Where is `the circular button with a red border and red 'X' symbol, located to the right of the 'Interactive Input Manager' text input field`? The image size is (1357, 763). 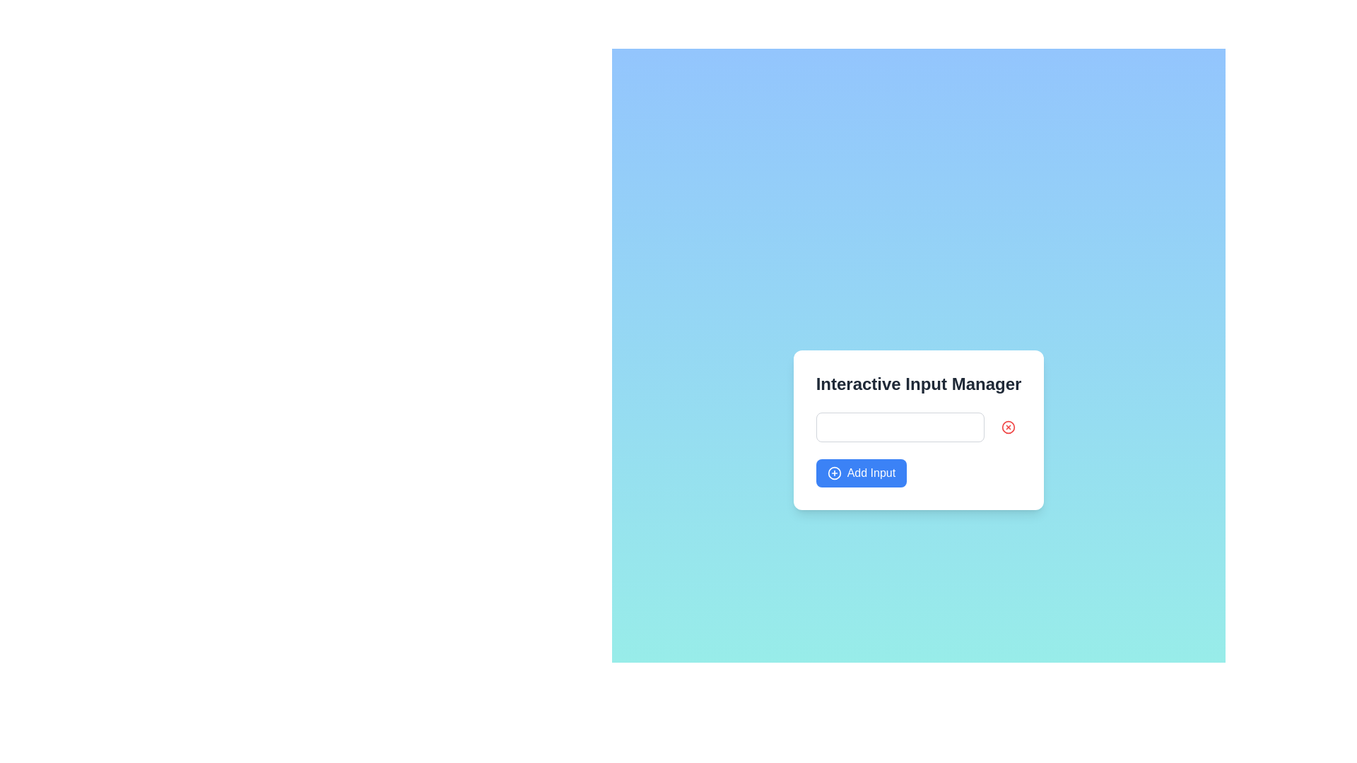 the circular button with a red border and red 'X' symbol, located to the right of the 'Interactive Input Manager' text input field is located at coordinates (1008, 427).